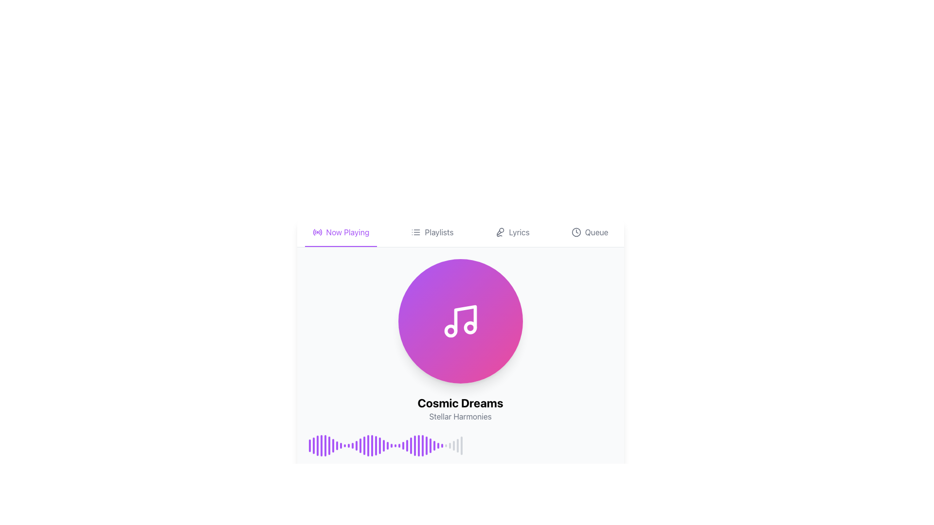  What do you see at coordinates (321, 446) in the screenshot?
I see `the fourth bar of the waveform segment that visually represents the intensity of the music, positioned below the music artwork and title area` at bounding box center [321, 446].